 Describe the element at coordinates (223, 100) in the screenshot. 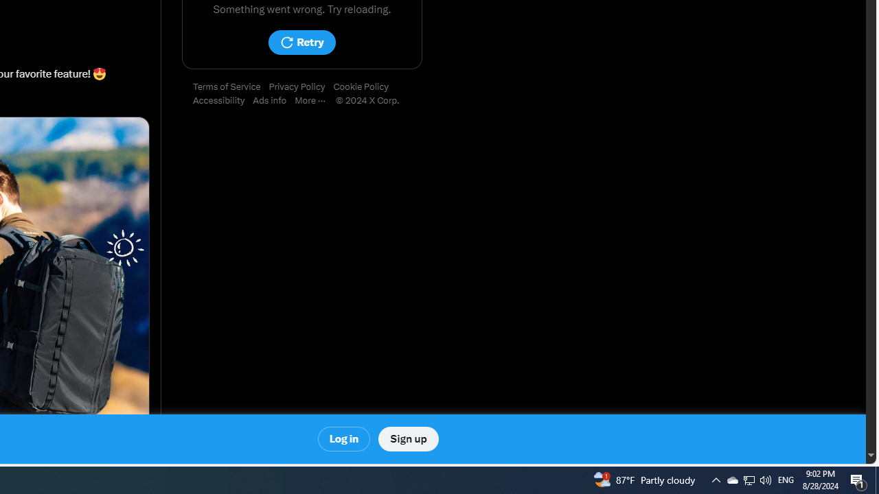

I see `'Accessibility'` at that location.